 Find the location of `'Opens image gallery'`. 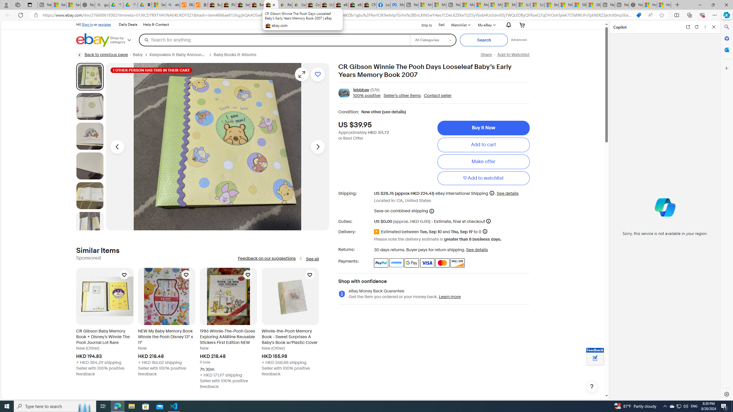

'Opens image gallery' is located at coordinates (301, 74).